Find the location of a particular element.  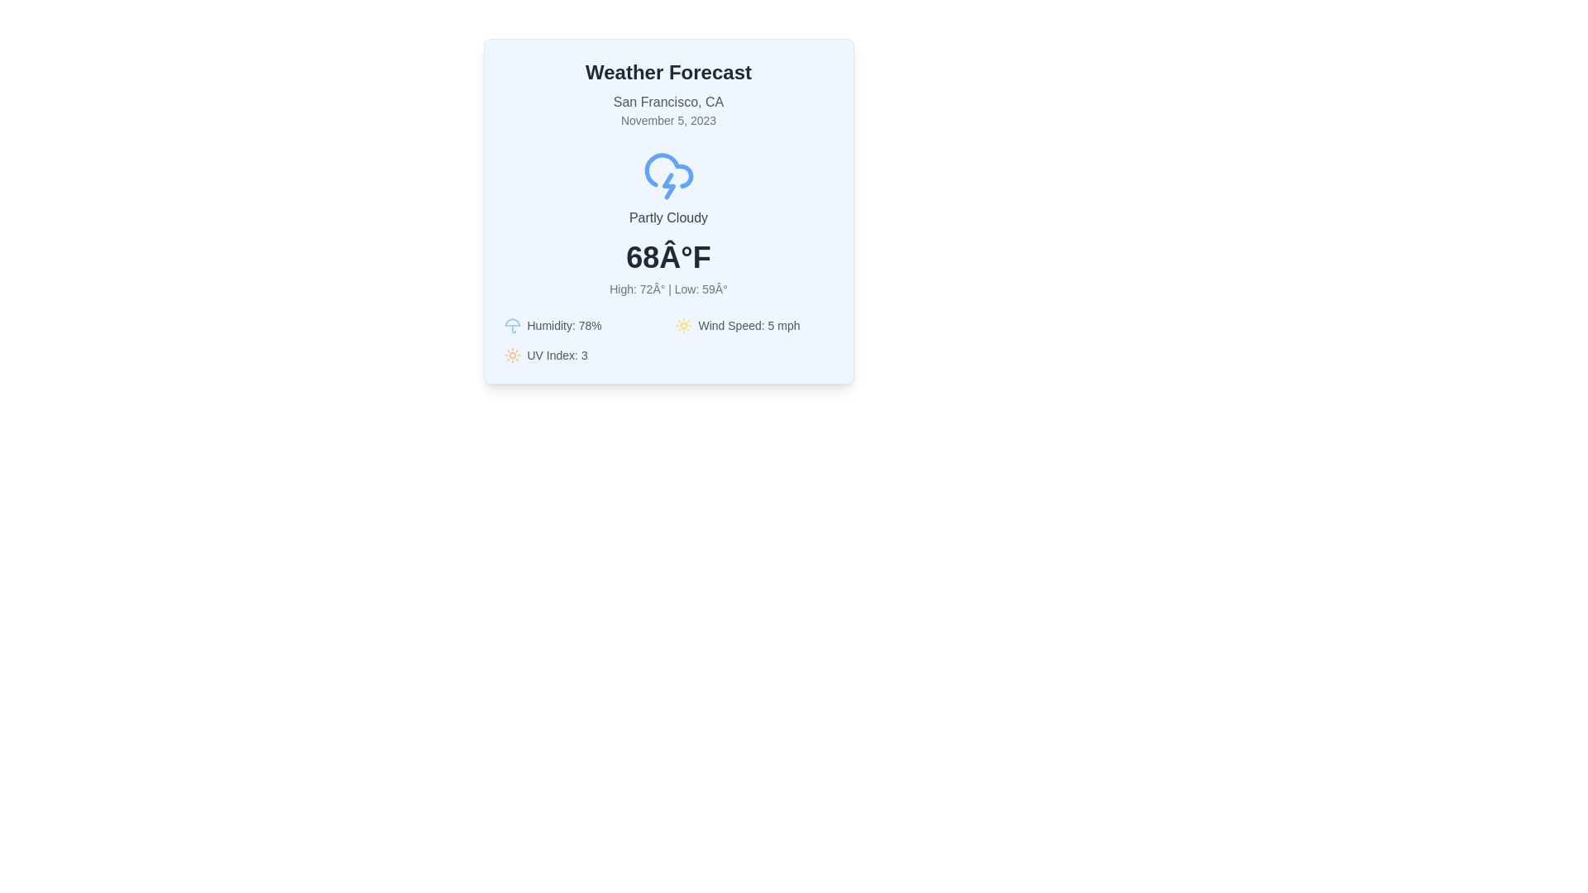

the Label displaying 'Partly Cloudy' that is located below the weather icon in the weather forecast card is located at coordinates (668, 217).